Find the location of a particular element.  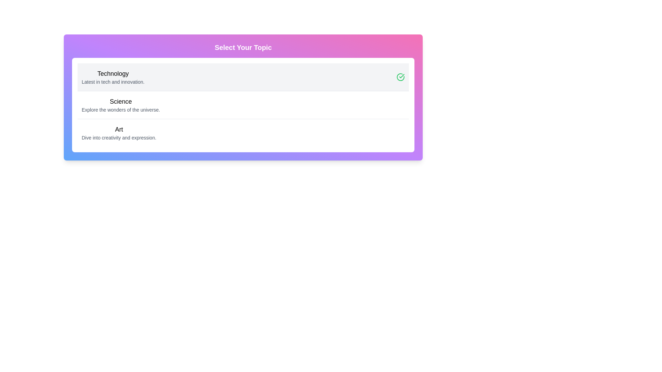

the 'Technology' header and description text block in the selection menu is located at coordinates (113, 77).